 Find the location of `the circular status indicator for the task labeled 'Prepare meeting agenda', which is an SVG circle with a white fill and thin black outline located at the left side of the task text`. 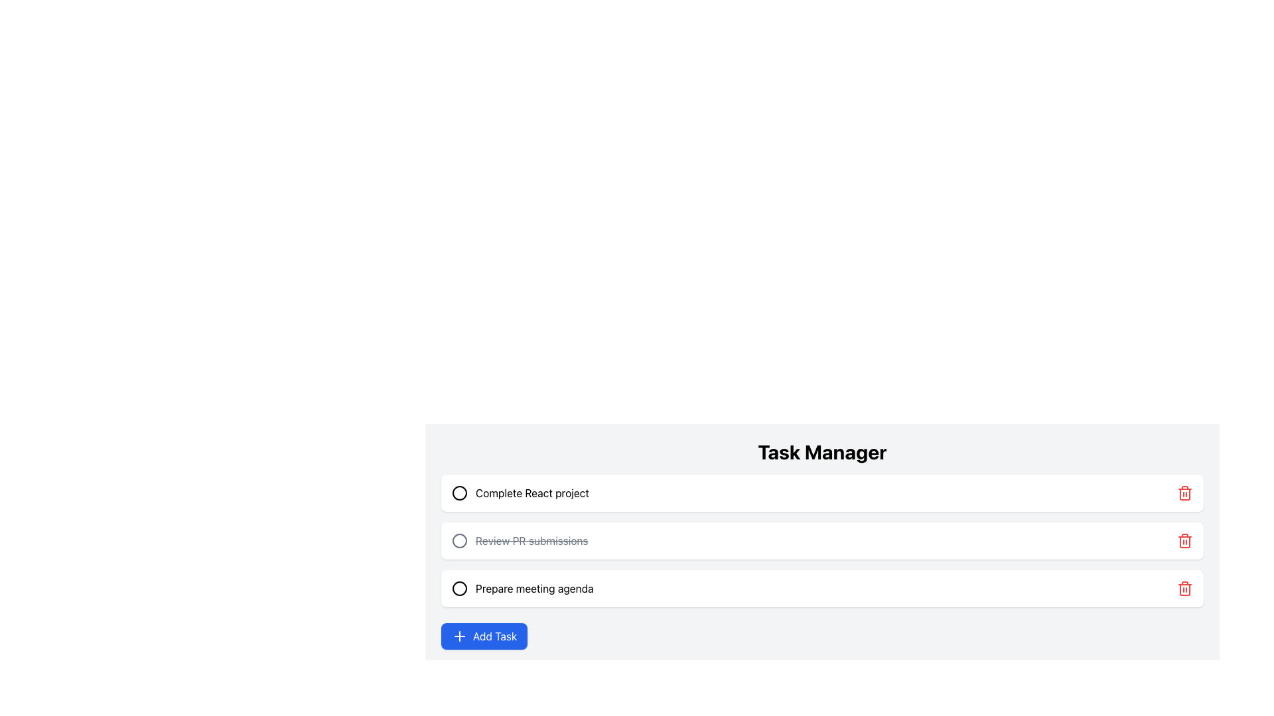

the circular status indicator for the task labeled 'Prepare meeting agenda', which is an SVG circle with a white fill and thin black outline located at the left side of the task text is located at coordinates (459, 587).